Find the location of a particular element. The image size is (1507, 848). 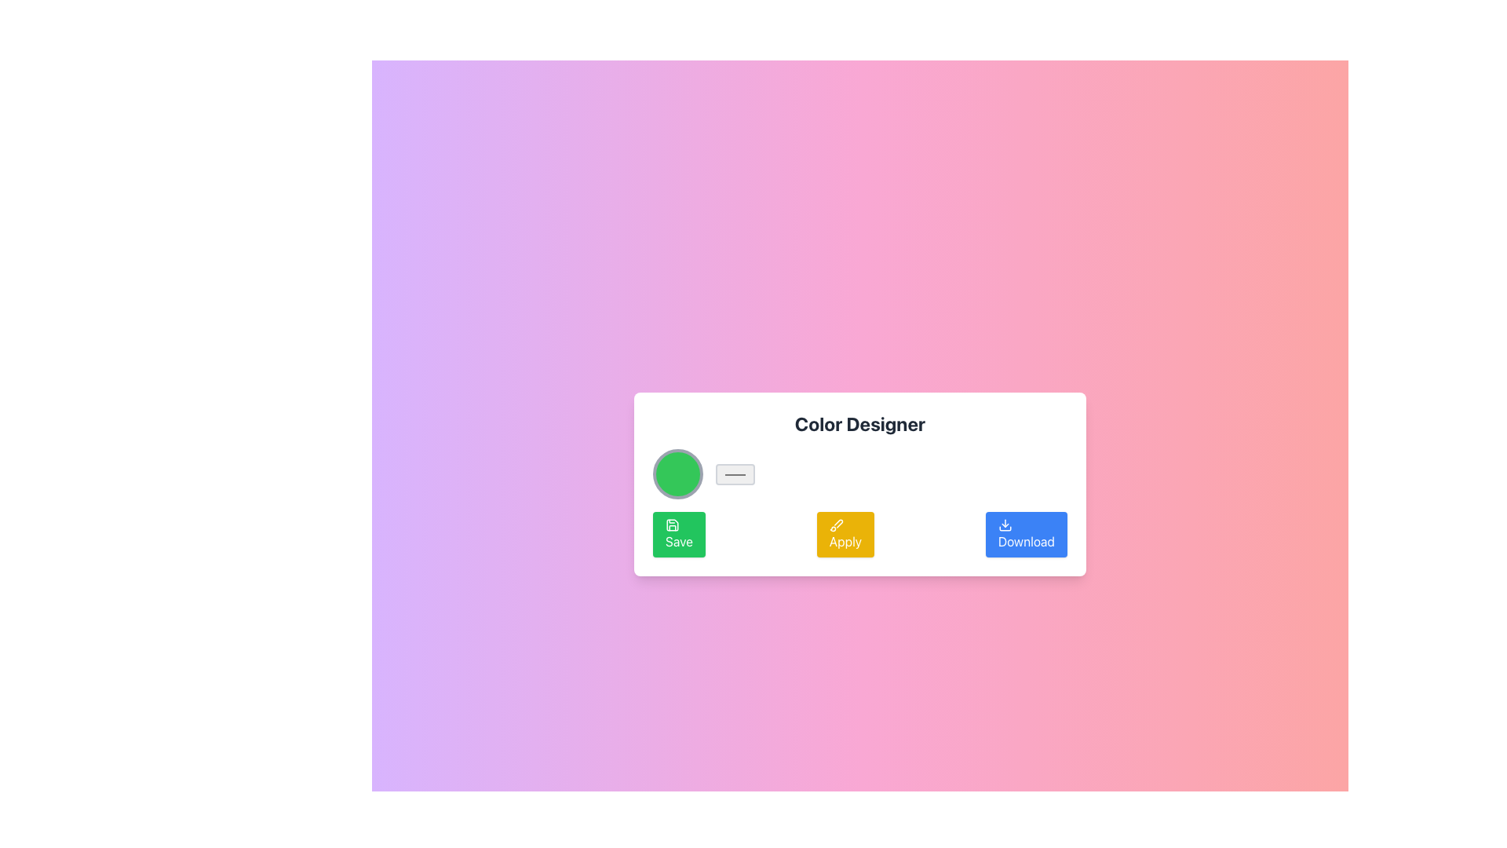

the buttons contained within the color selection and management card, which is centrally placed in the interface with a colorful gradient background is located at coordinates (859, 484).